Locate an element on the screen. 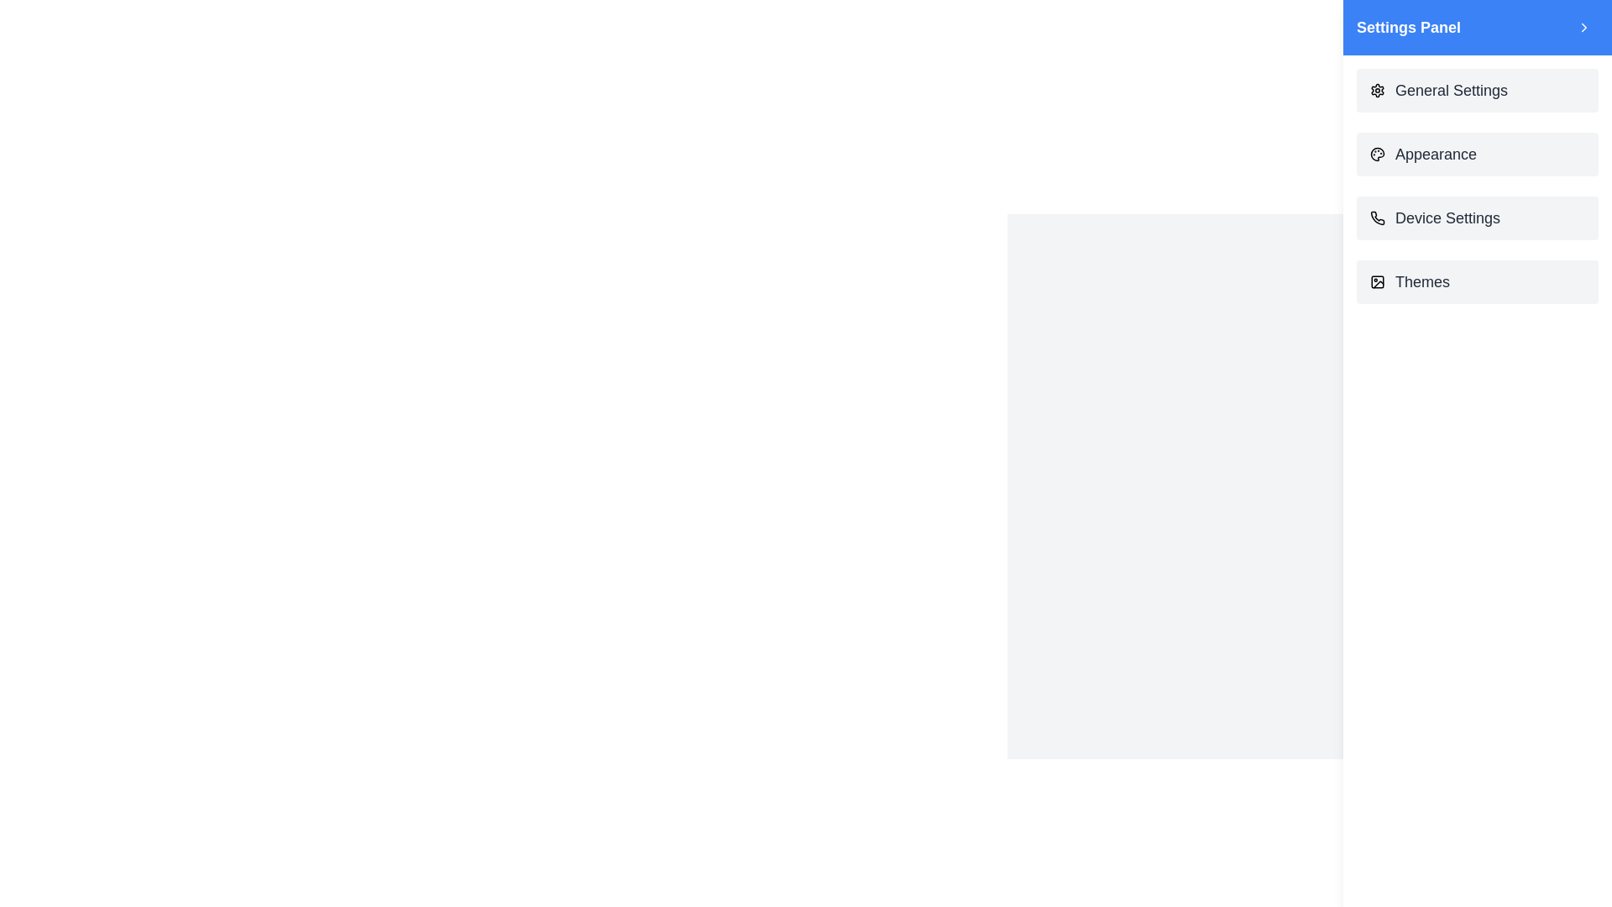 This screenshot has height=907, width=1612. the navigation button located at the top-right corner of the 'Settings Panel' is located at coordinates (1583, 28).